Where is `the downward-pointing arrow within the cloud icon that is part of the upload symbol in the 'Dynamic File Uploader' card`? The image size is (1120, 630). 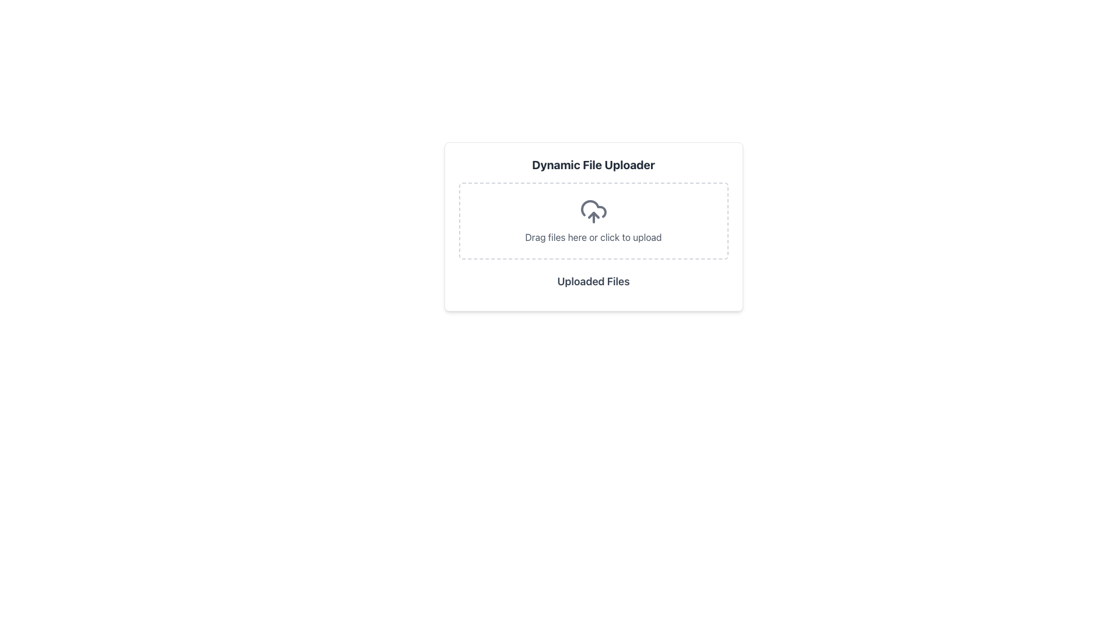 the downward-pointing arrow within the cloud icon that is part of the upload symbol in the 'Dynamic File Uploader' card is located at coordinates (593, 215).